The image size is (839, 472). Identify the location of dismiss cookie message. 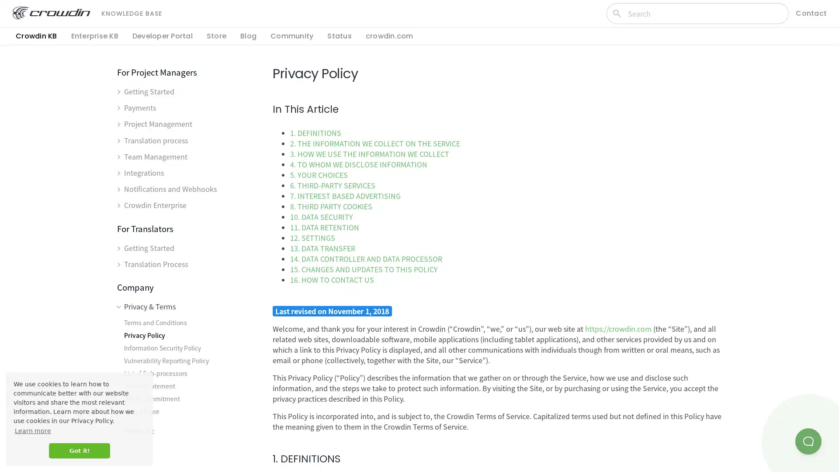
(80, 451).